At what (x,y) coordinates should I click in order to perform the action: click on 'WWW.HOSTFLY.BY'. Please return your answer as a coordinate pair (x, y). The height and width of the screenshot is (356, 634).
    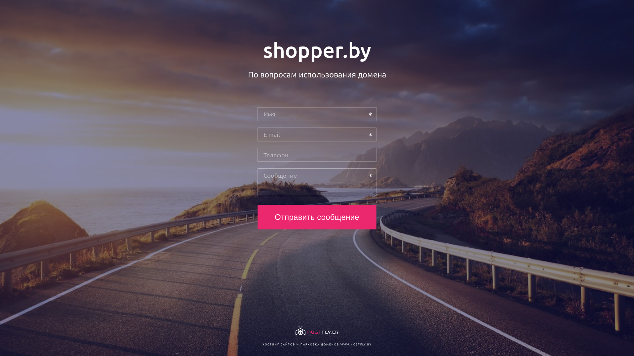
    Looking at the image, I should click on (355, 344).